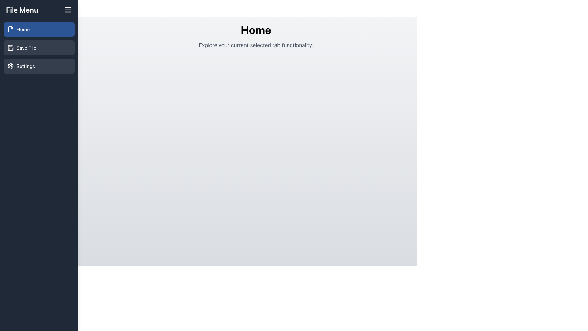  What do you see at coordinates (10, 66) in the screenshot?
I see `the cogwheel-shaped settings icon located in the sidebar` at bounding box center [10, 66].